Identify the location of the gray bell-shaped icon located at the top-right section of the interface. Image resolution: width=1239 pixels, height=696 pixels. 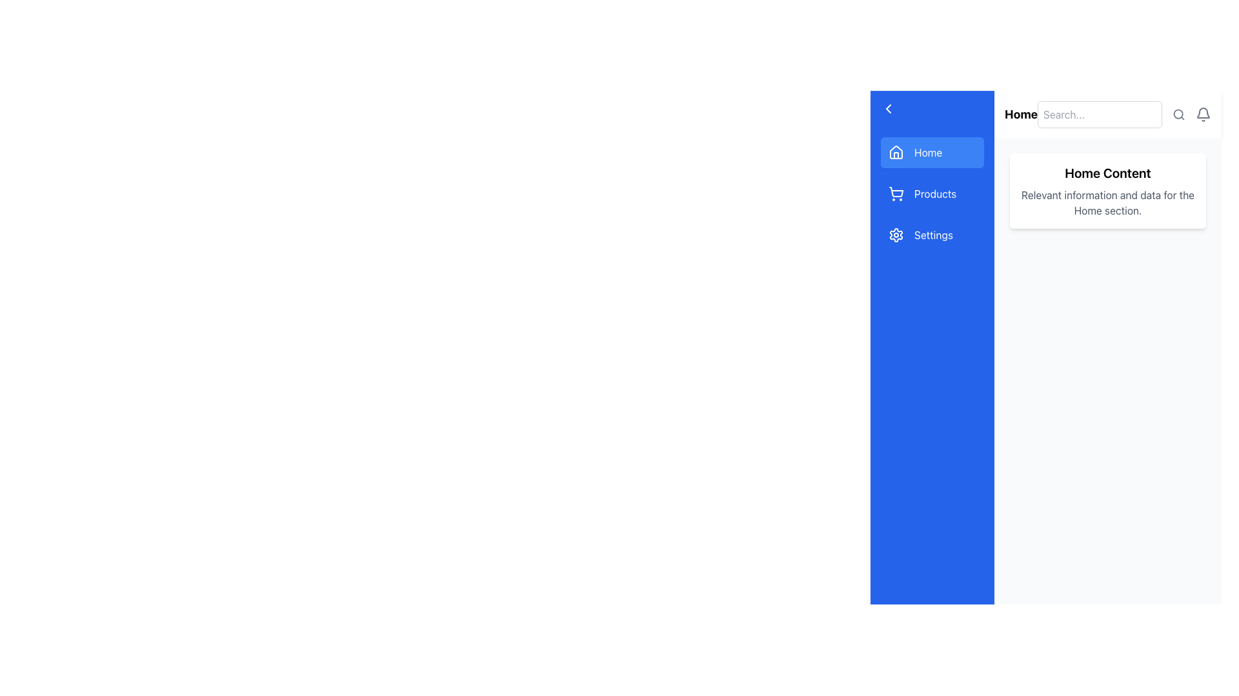
(1203, 113).